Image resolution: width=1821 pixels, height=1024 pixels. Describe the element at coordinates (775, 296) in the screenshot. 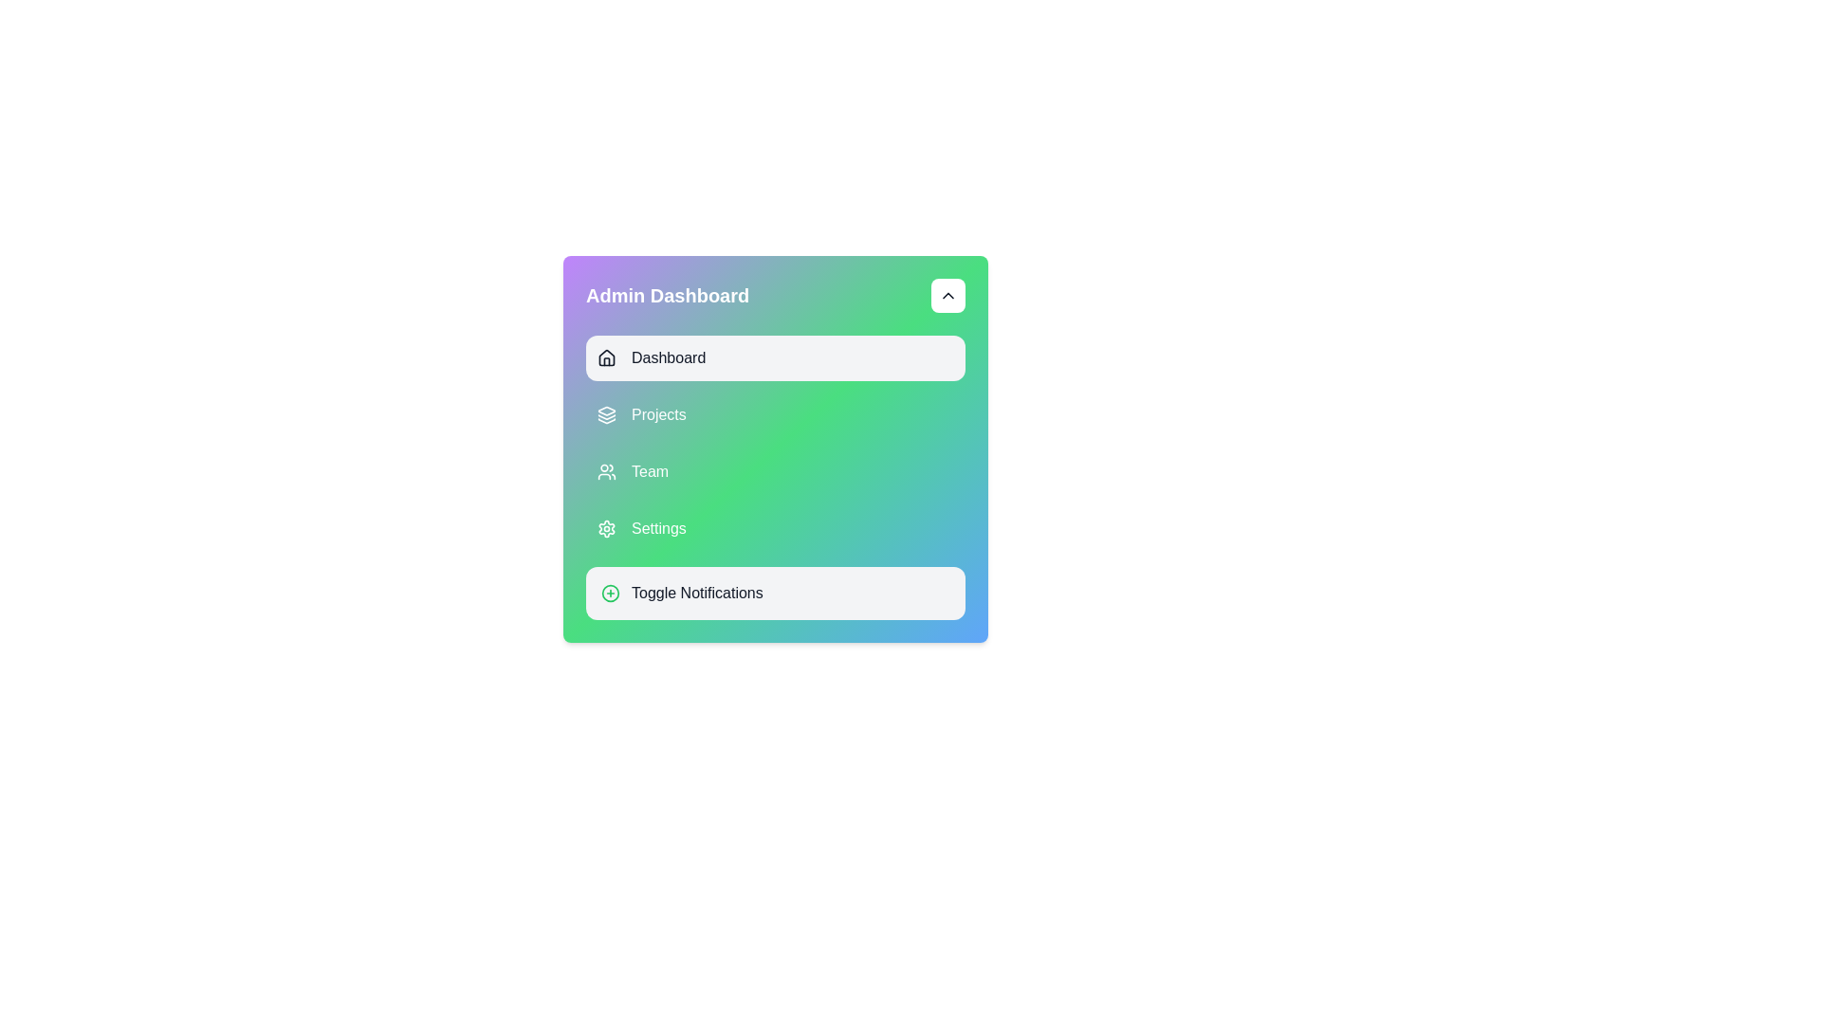

I see `the 'Admin Dashboard' header bar, which is located at the top of the colorful gradient background` at that location.